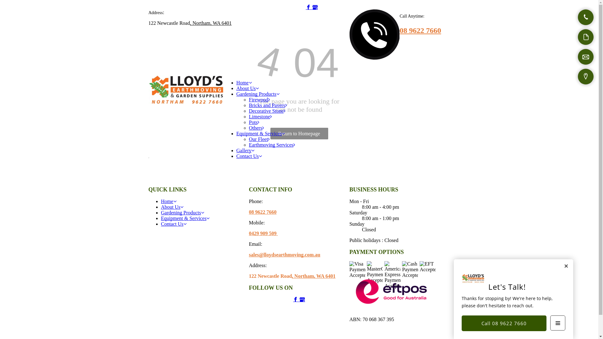 This screenshot has width=603, height=339. I want to click on 'Return to Homepage', so click(298, 133).